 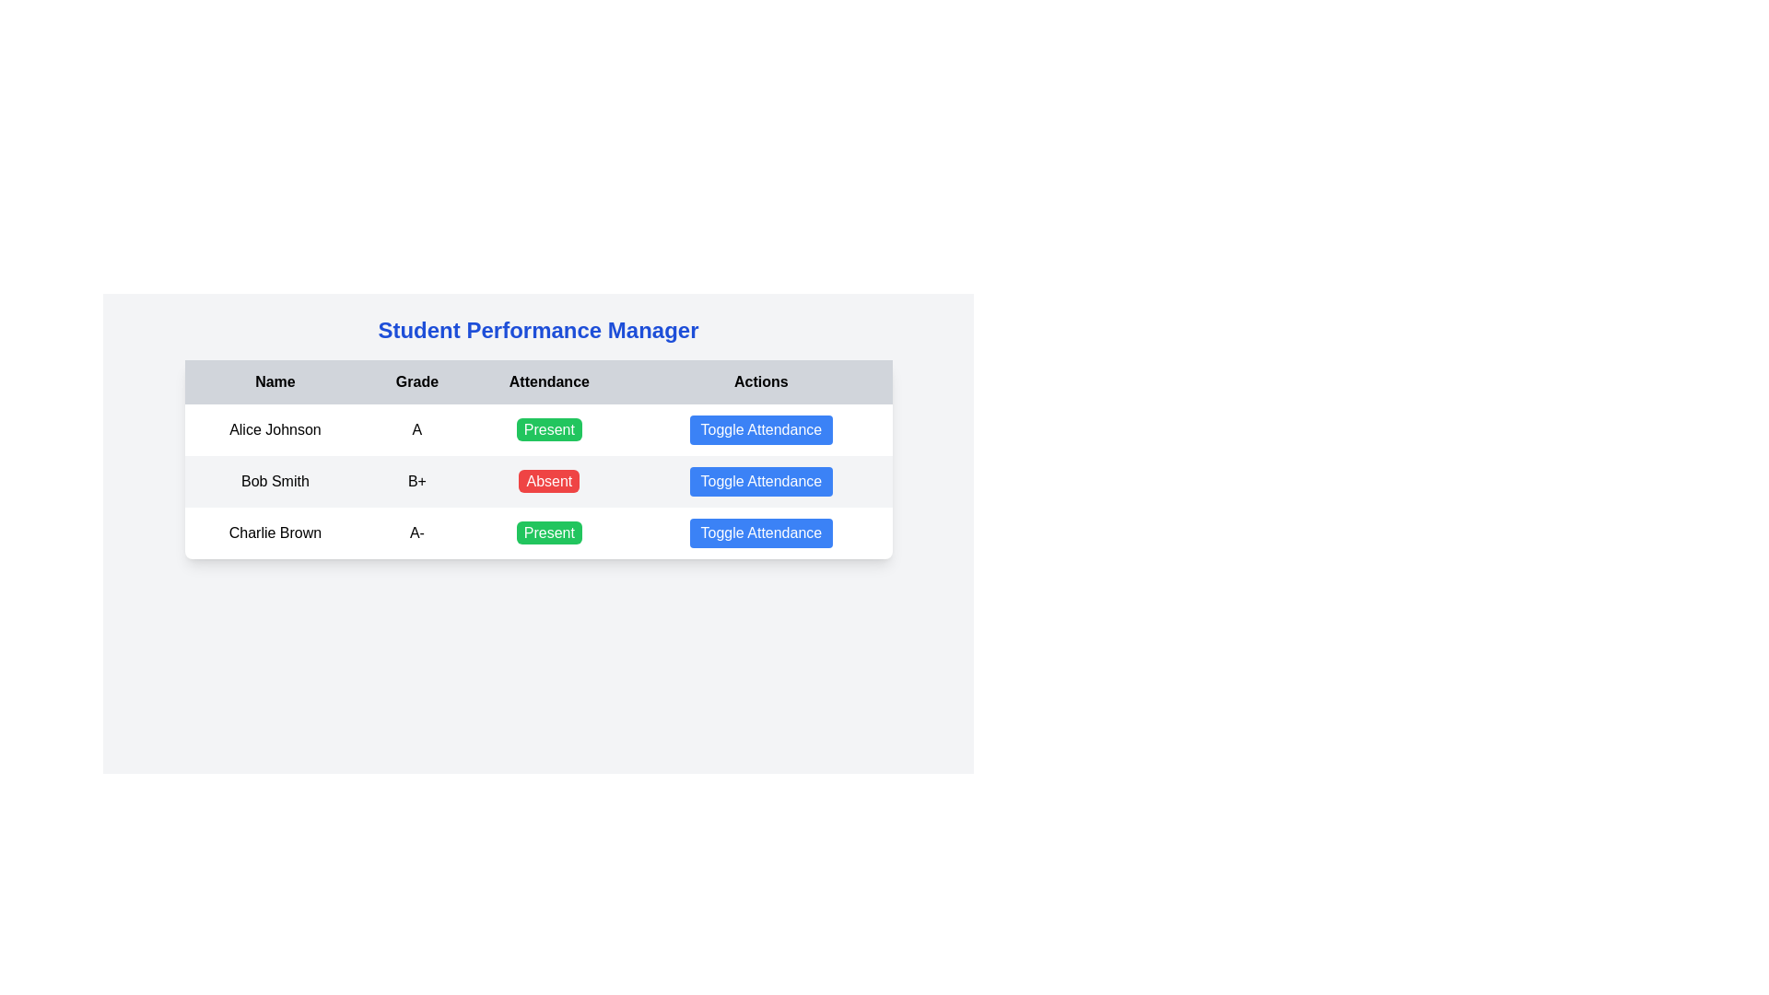 What do you see at coordinates (416, 481) in the screenshot?
I see `the Text label indicating the grade 'B+' for the student 'Bob Smith' located in the second row, second column of the table` at bounding box center [416, 481].